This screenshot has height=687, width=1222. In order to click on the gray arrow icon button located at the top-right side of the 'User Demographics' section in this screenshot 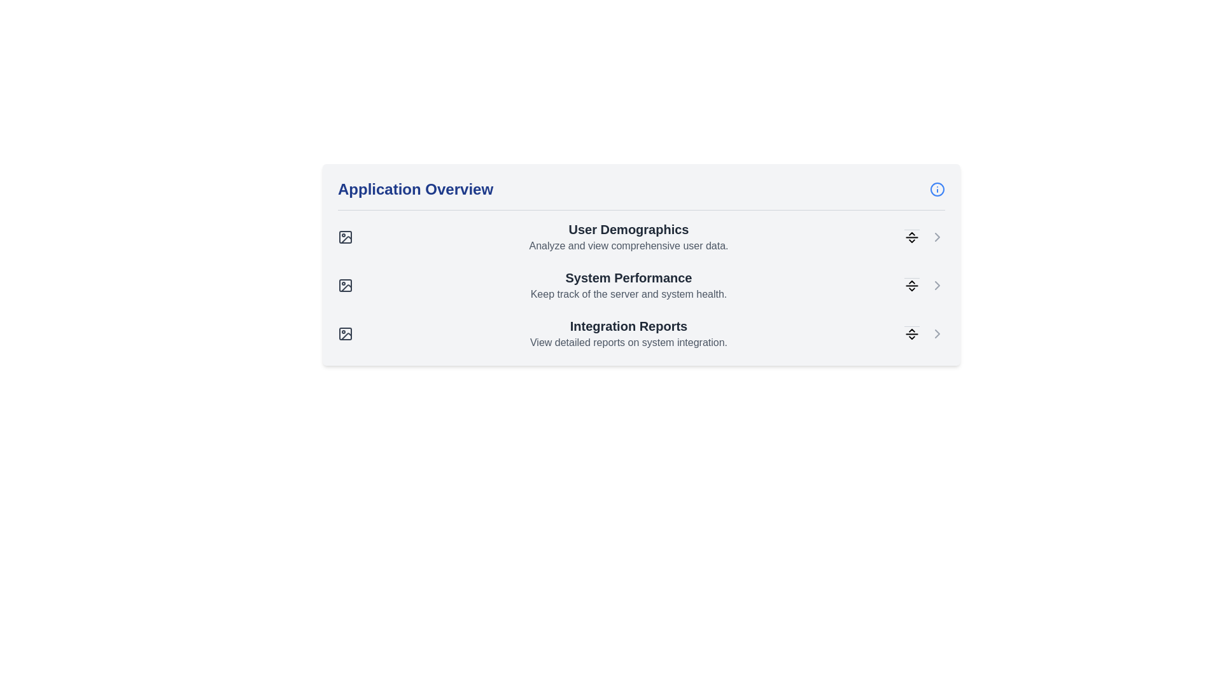, I will do `click(938, 237)`.